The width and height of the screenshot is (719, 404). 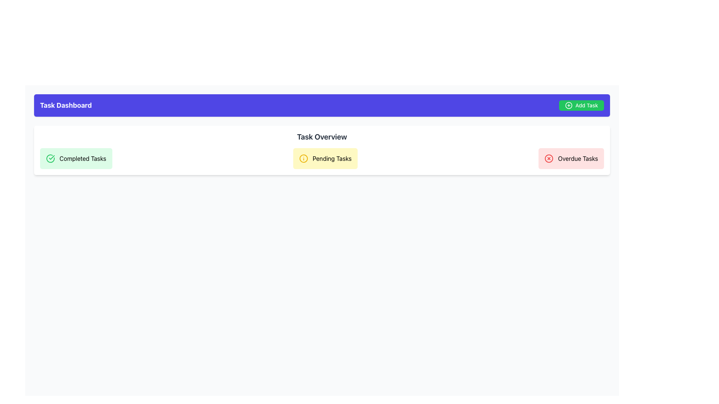 I want to click on the 'Add Task' button in the upper right corner of the dashboard's header section, so click(x=581, y=105).